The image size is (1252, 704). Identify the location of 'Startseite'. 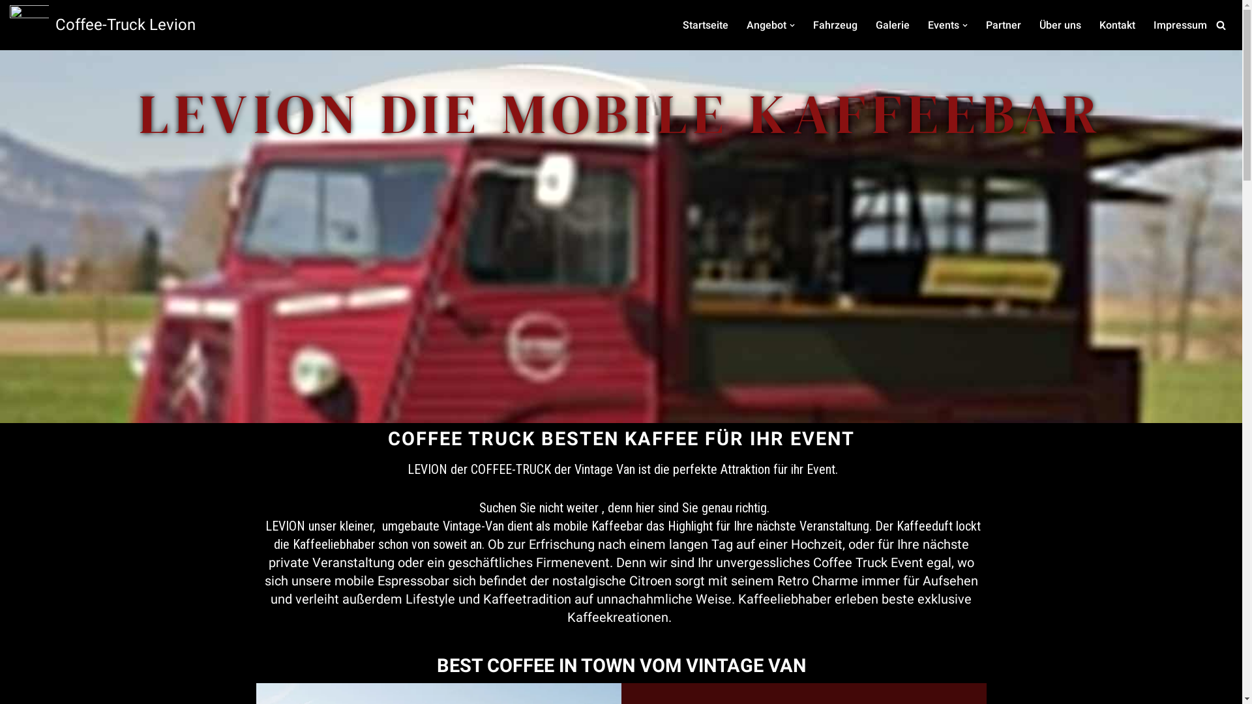
(681, 25).